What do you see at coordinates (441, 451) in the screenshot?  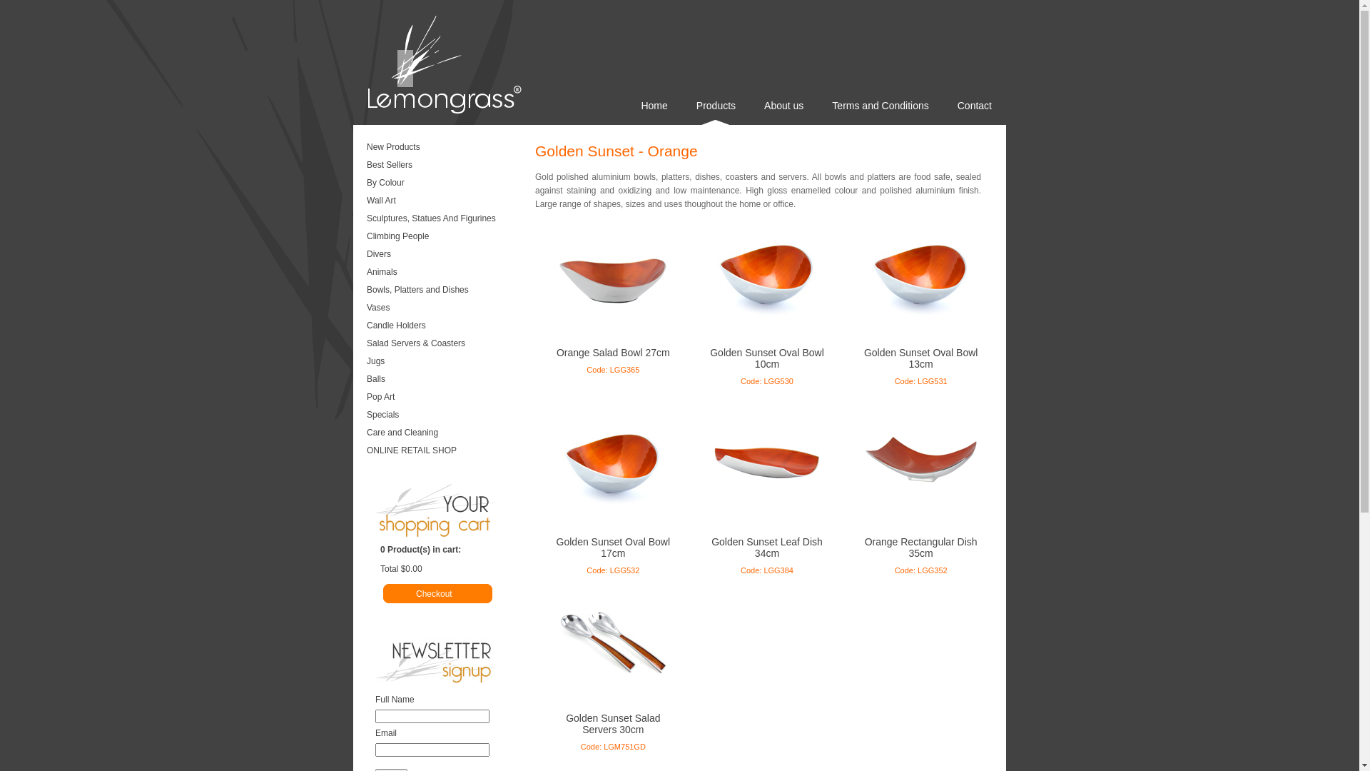 I see `'ONLINE RETAIL SHOP'` at bounding box center [441, 451].